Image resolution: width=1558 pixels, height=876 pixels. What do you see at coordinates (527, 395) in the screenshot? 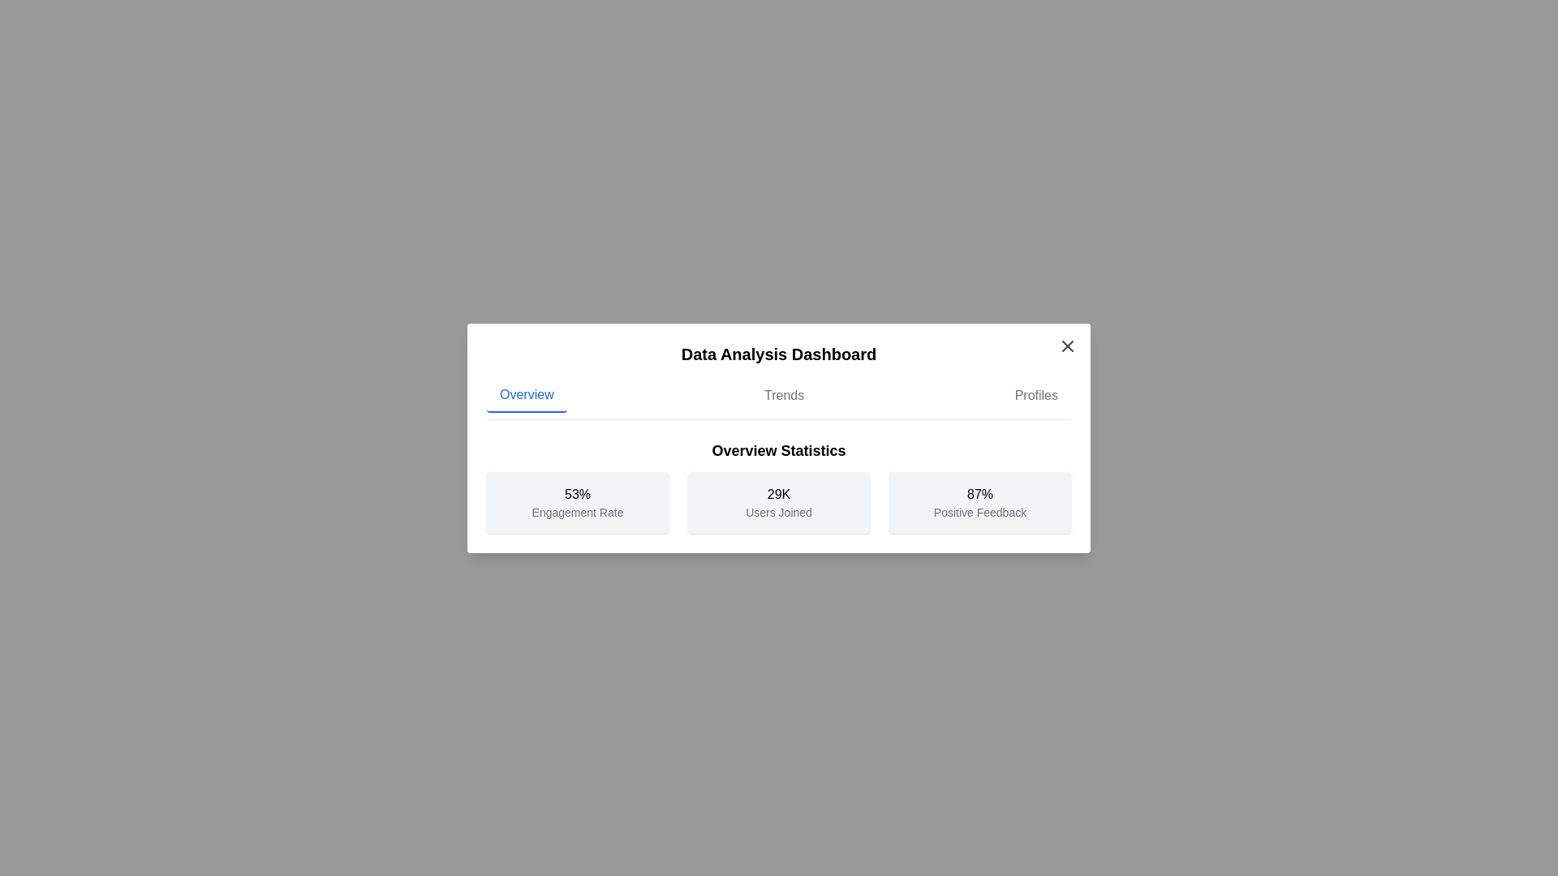
I see `the 'Overview' navigation tab located on the left-hand side of the Data Analysis Dashboard` at bounding box center [527, 395].